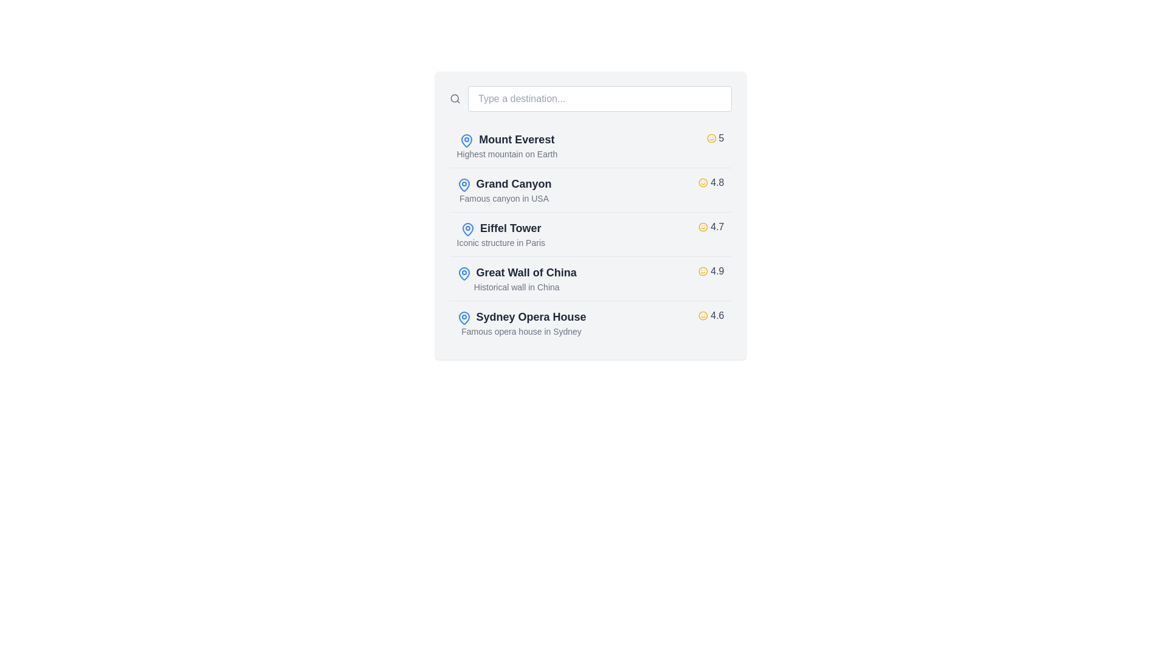  Describe the element at coordinates (517, 279) in the screenshot. I see `the fourth item in the vertical list of destinations, which is a Text block with an icon, located between the 'Eiffel Tower' and 'Sydney Opera House' entries` at that location.